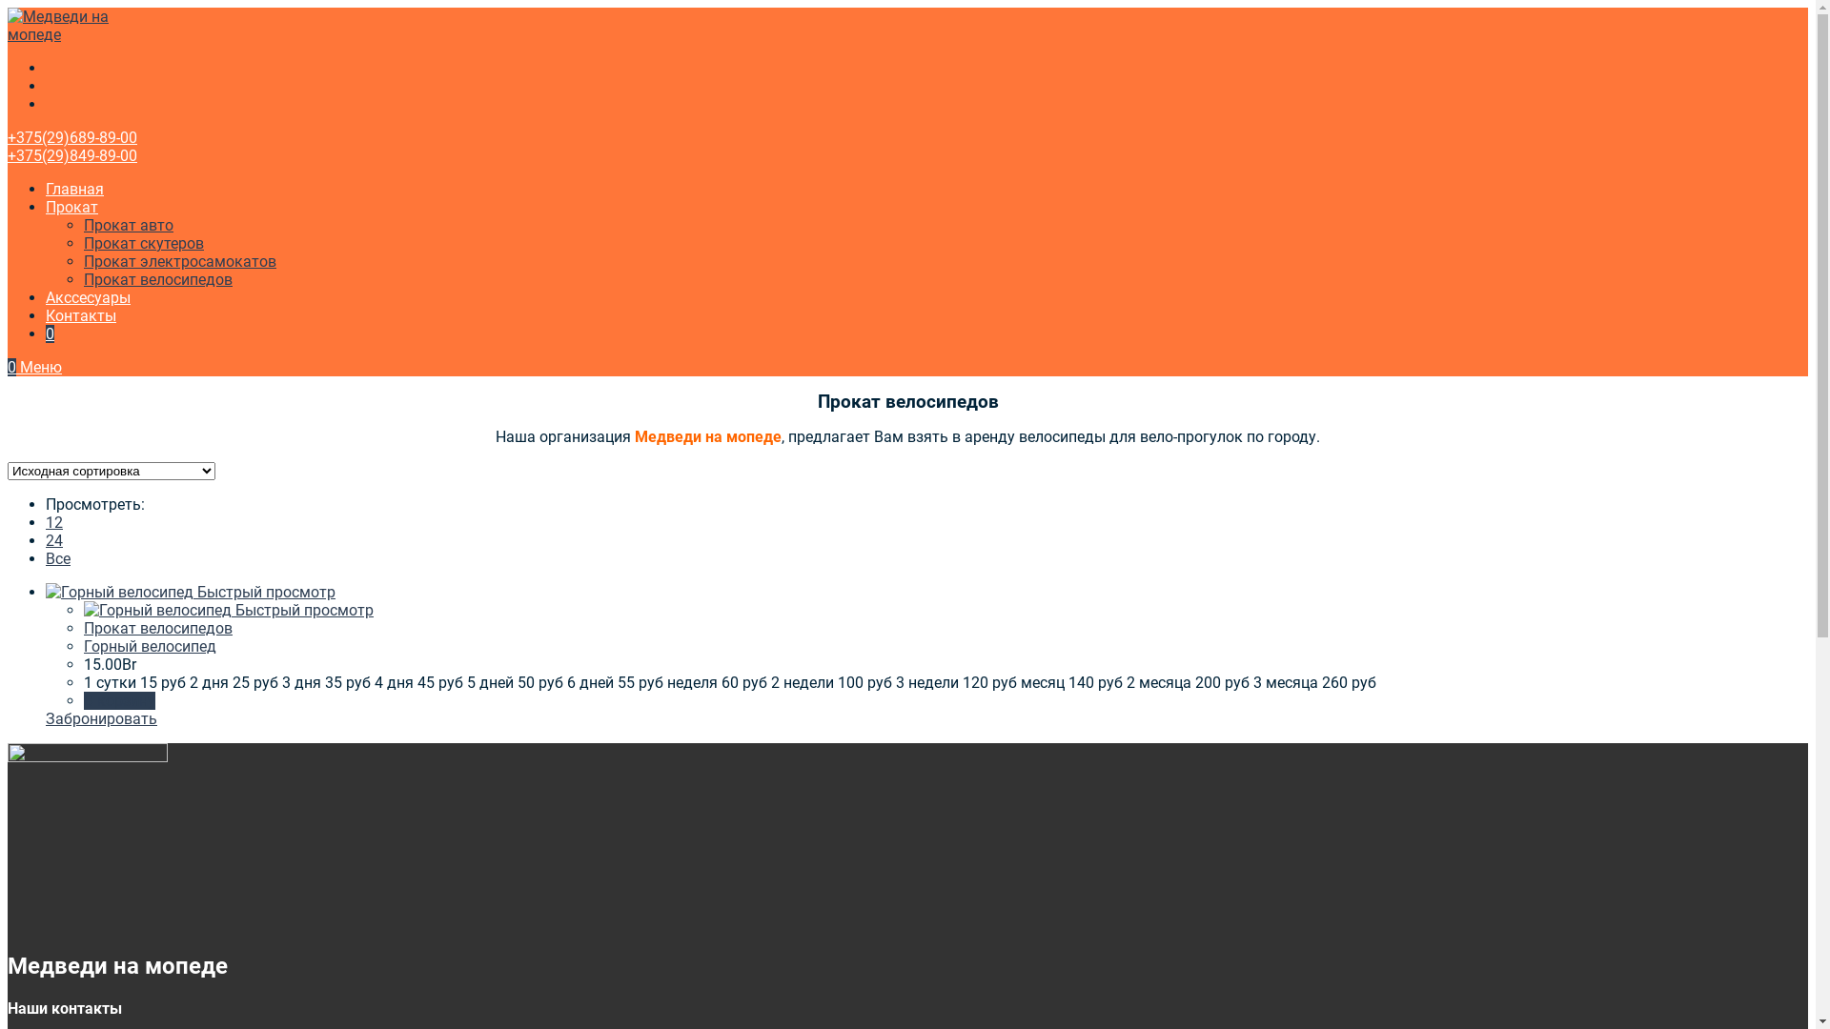 This screenshot has height=1029, width=1830. What do you see at coordinates (13, 367) in the screenshot?
I see `'0'` at bounding box center [13, 367].